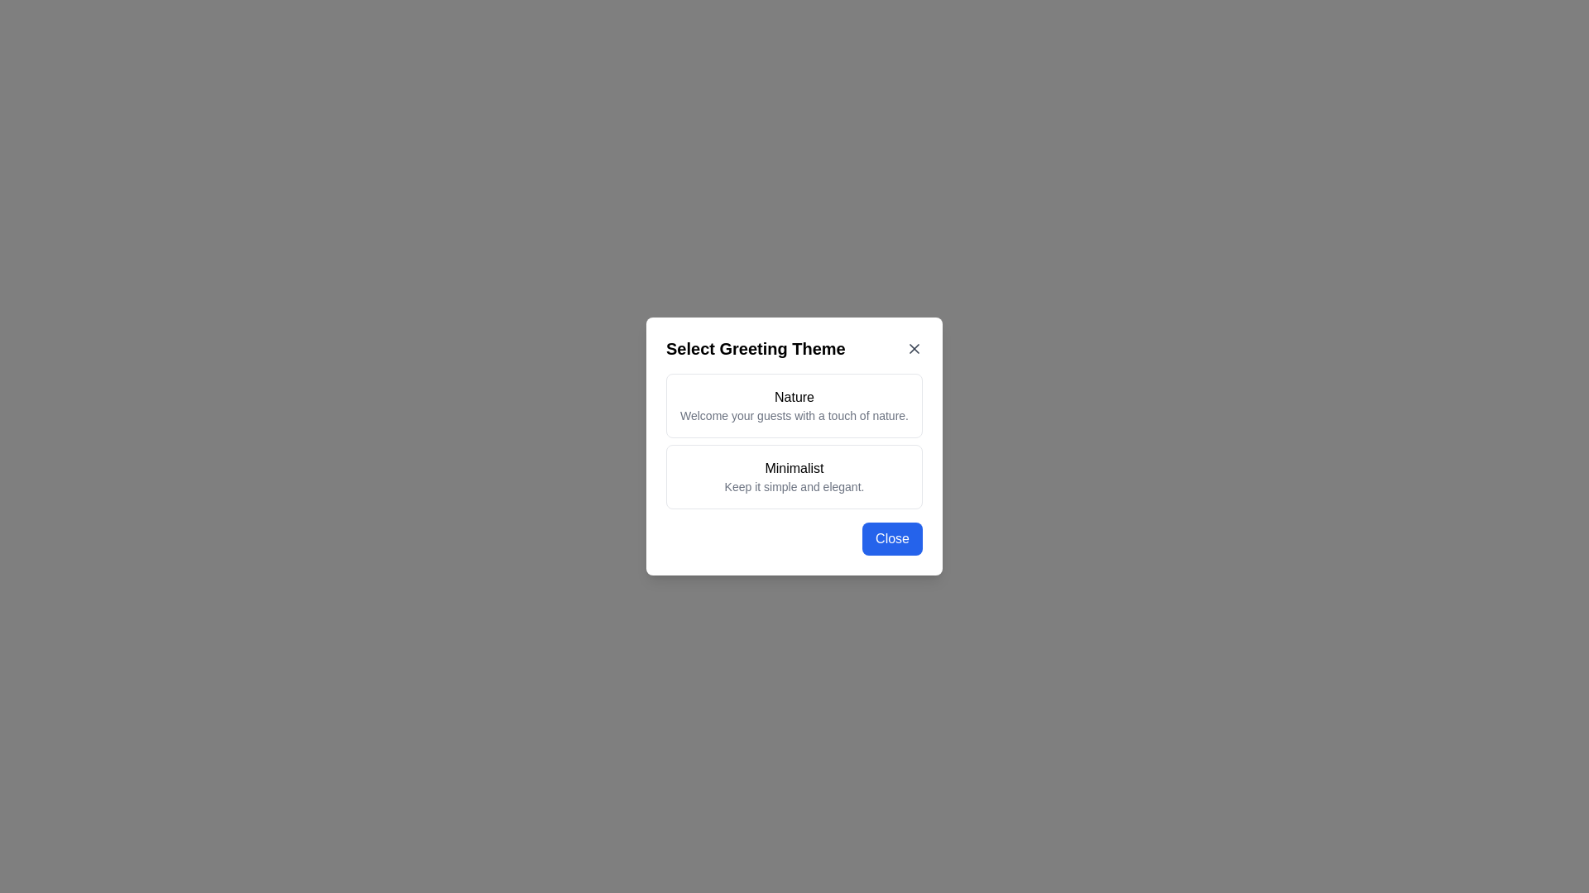 The image size is (1589, 893). I want to click on title 'Select Greeting Theme' from the Header at the top of the modal box to understand its purpose, so click(794, 347).